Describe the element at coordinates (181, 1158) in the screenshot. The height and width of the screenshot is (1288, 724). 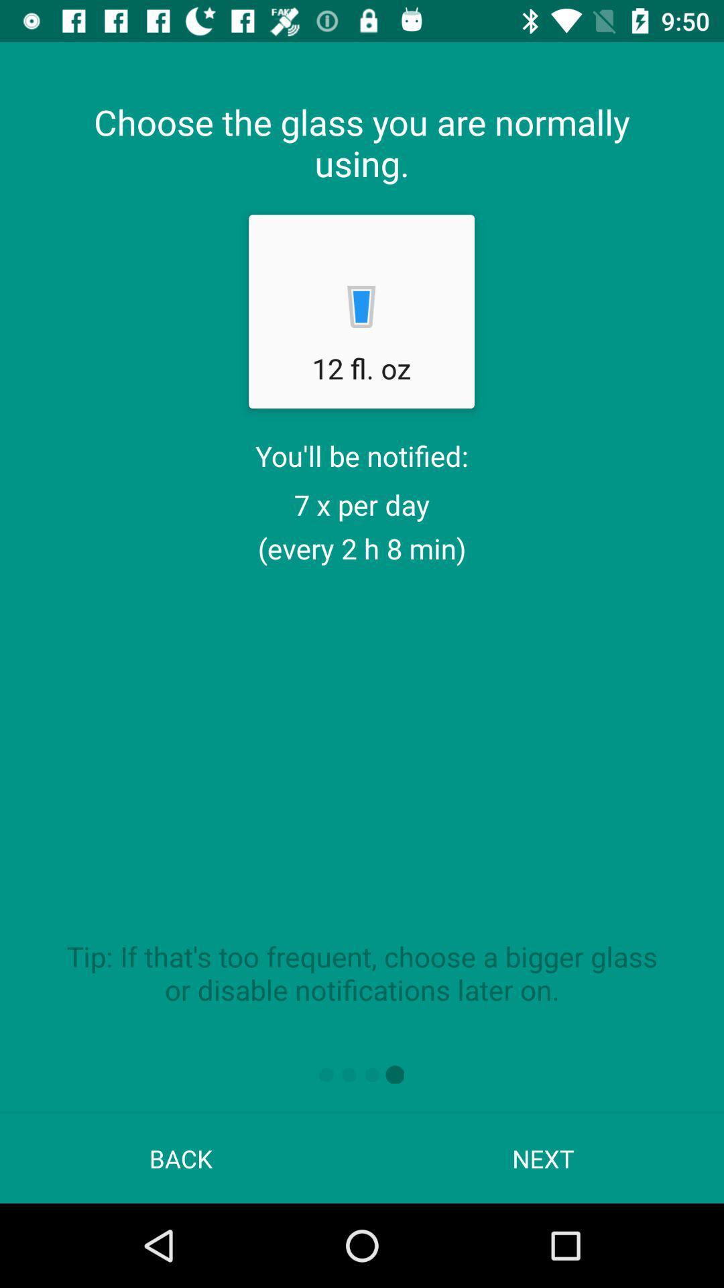
I see `icon to the left of next icon` at that location.